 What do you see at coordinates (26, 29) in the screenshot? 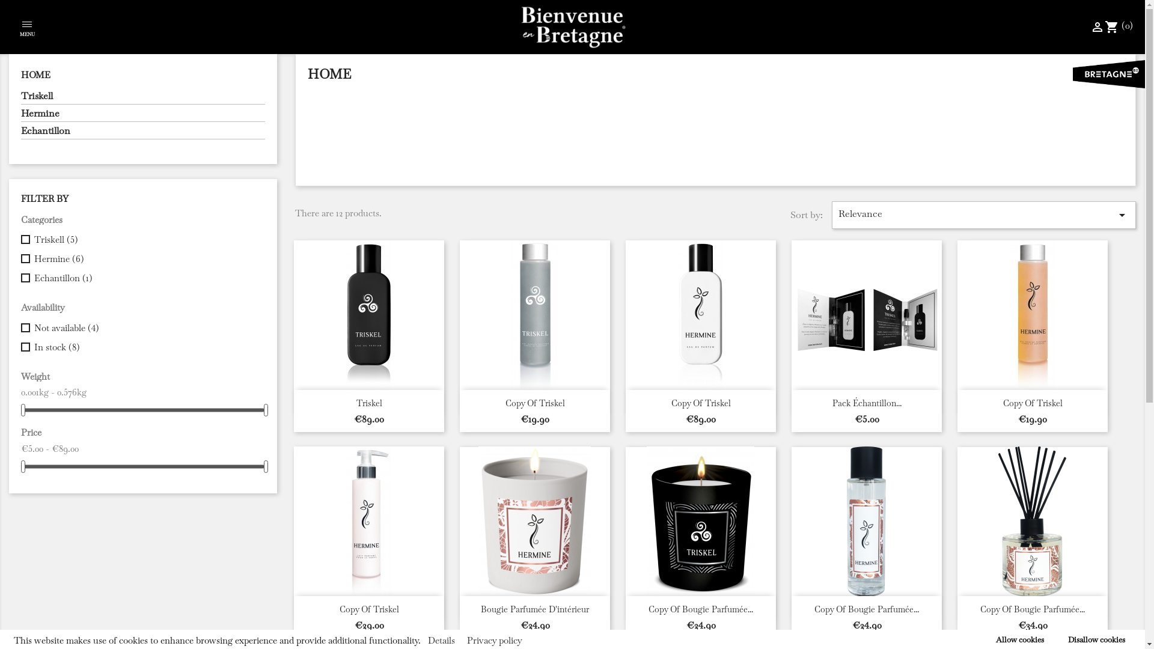
I see `'MENU'` at bounding box center [26, 29].